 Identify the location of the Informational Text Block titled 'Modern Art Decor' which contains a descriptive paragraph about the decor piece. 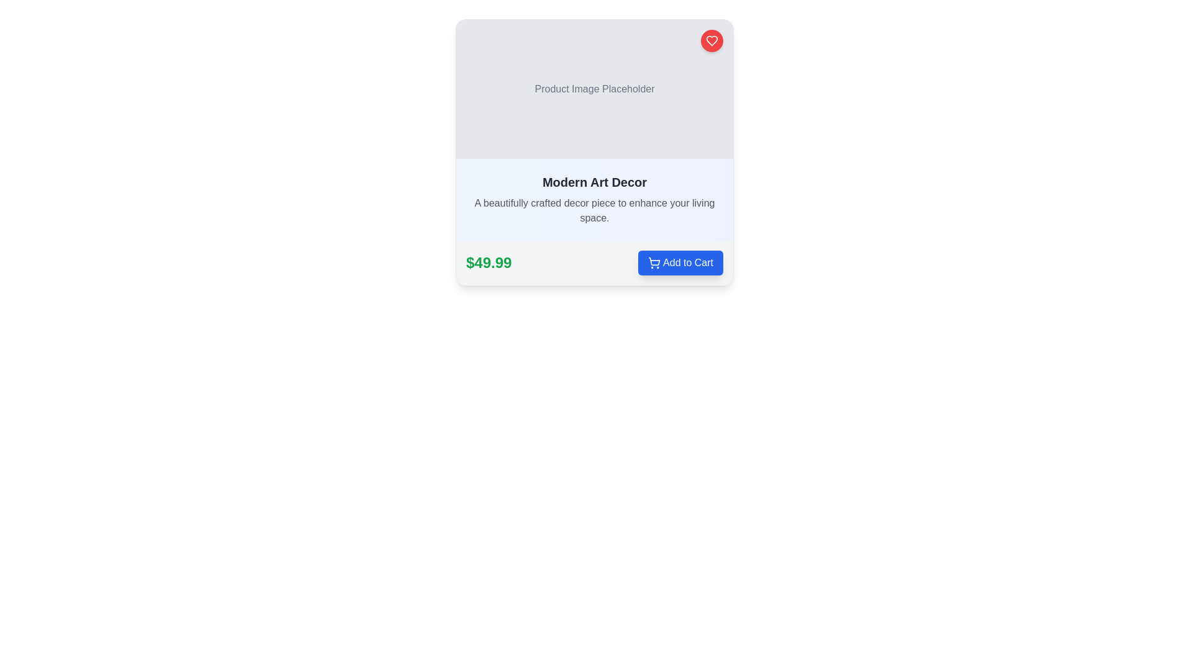
(594, 199).